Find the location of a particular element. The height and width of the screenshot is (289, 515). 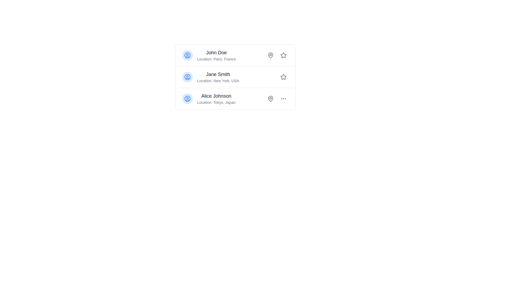

the circular user profile icon with a blue outline associated with 'Alice Johnson, Location: Tokyo, Japan' for profile-related interactions is located at coordinates (187, 99).